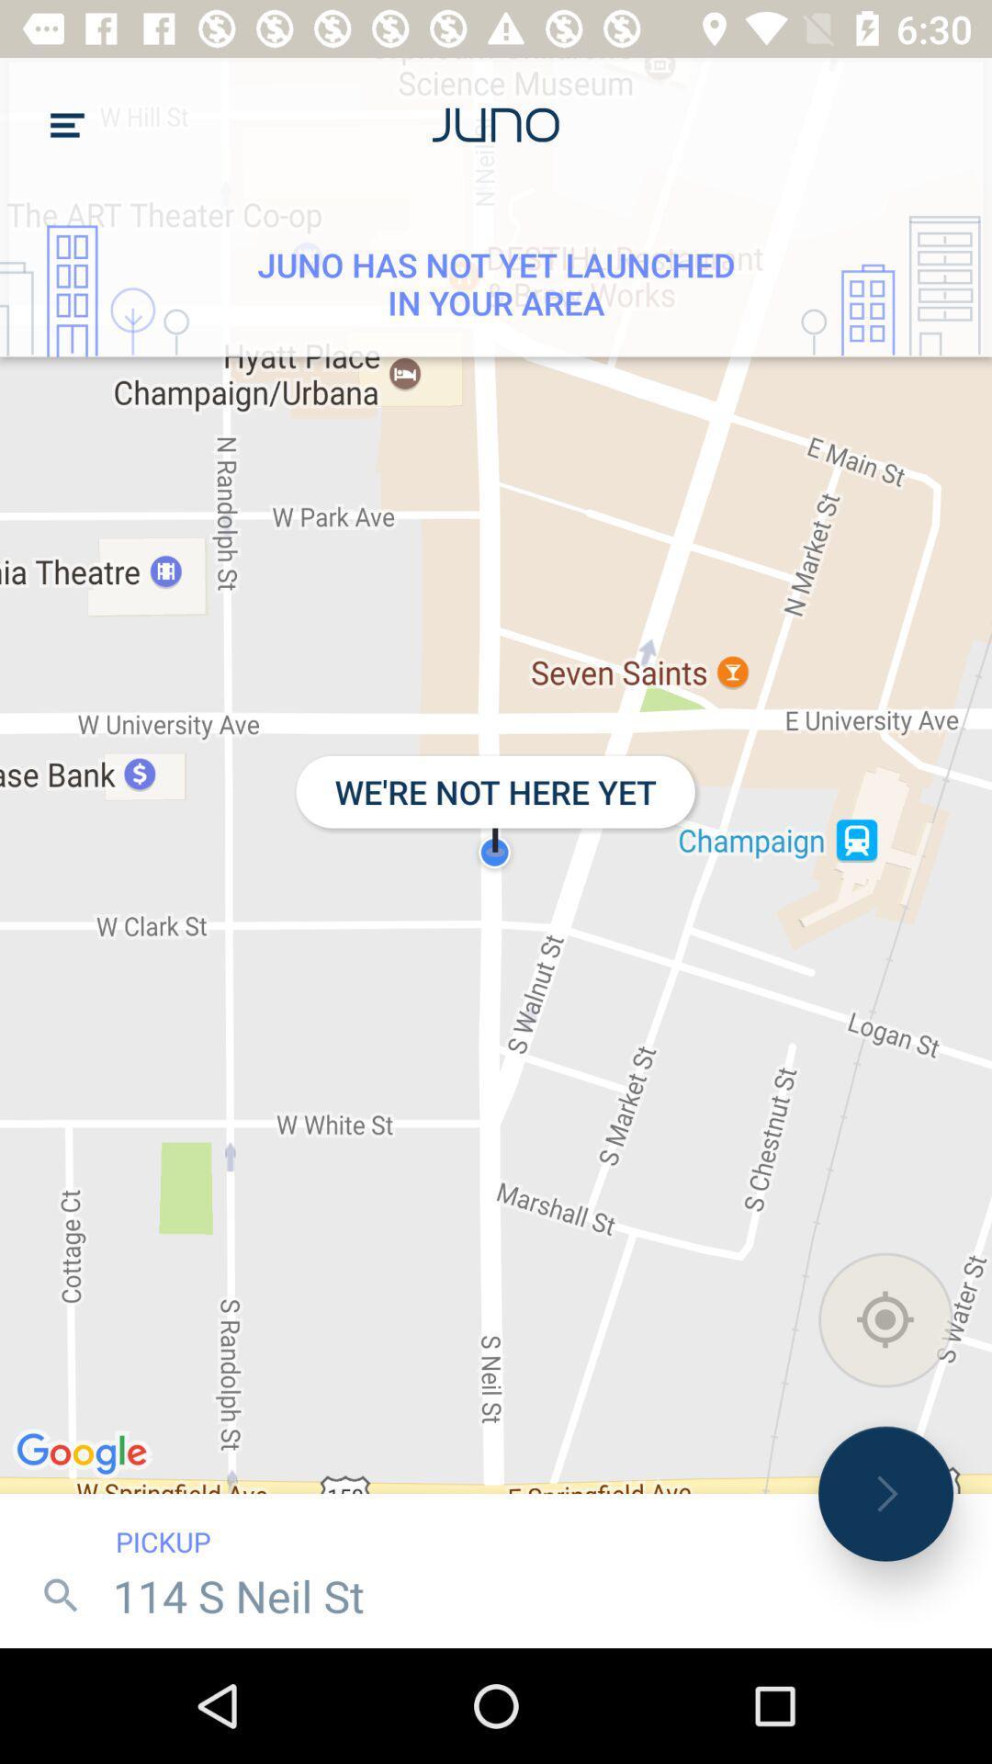 This screenshot has width=992, height=1764. I want to click on icon next to pickup, so click(885, 1494).